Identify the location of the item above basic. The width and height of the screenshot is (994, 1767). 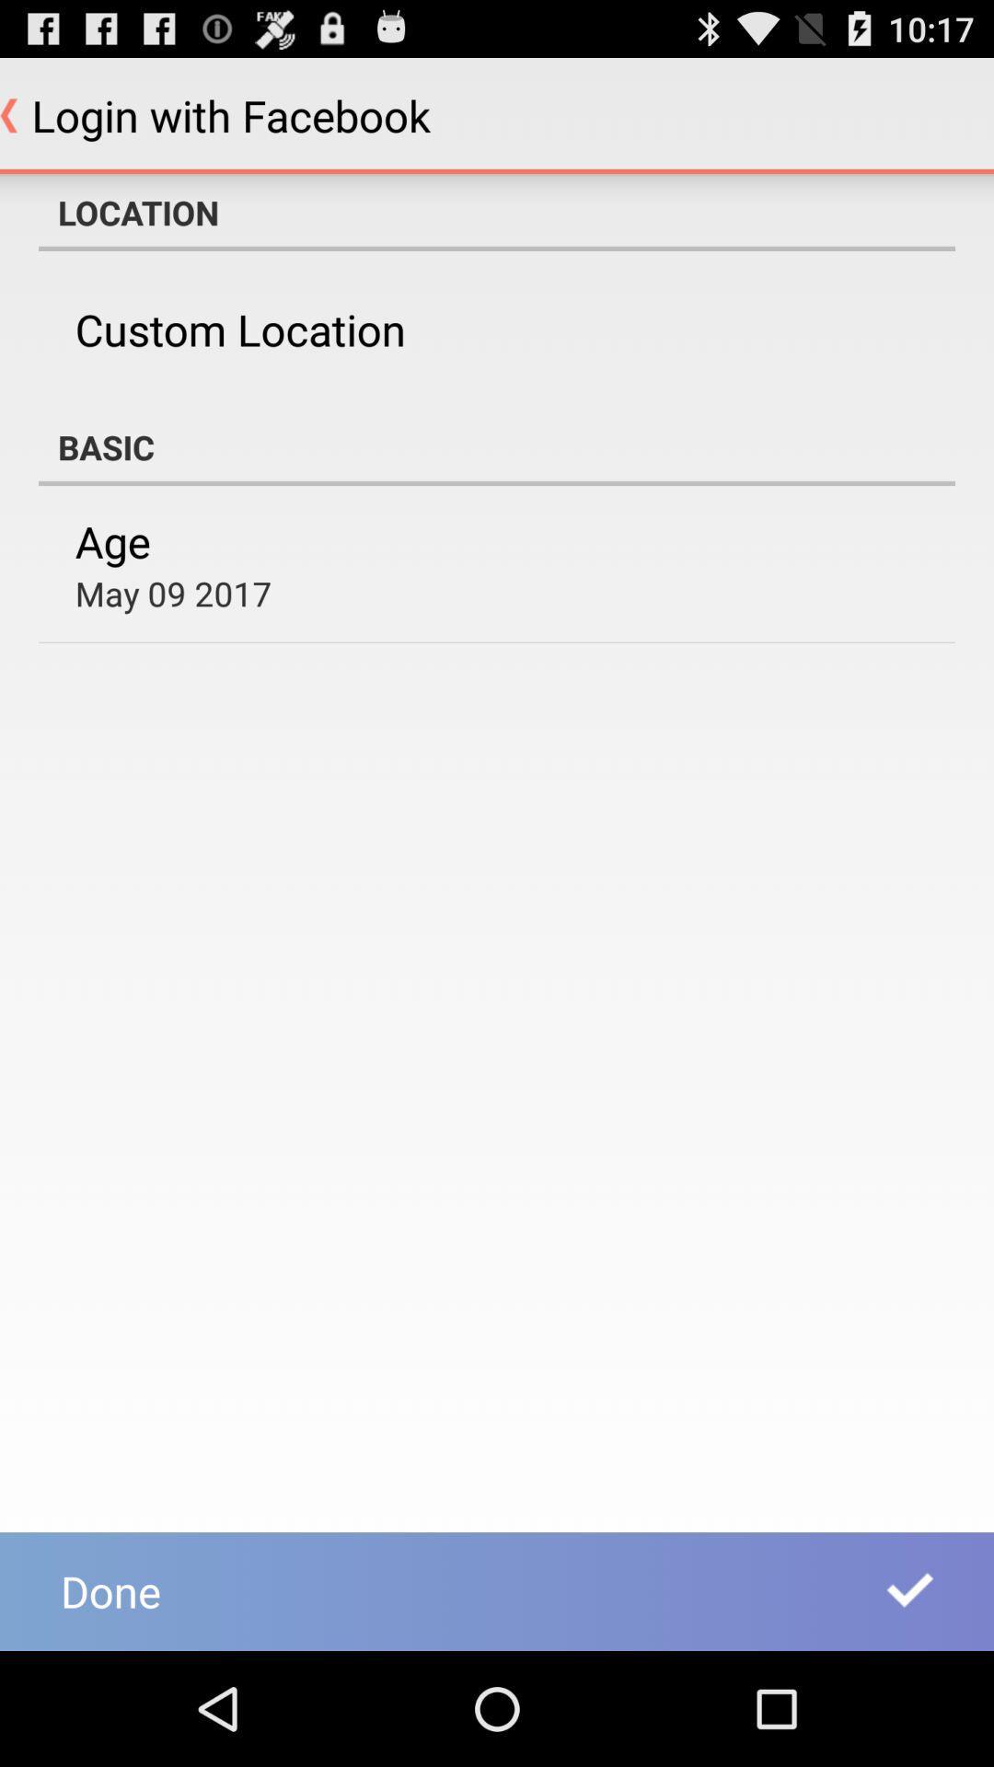
(239, 329).